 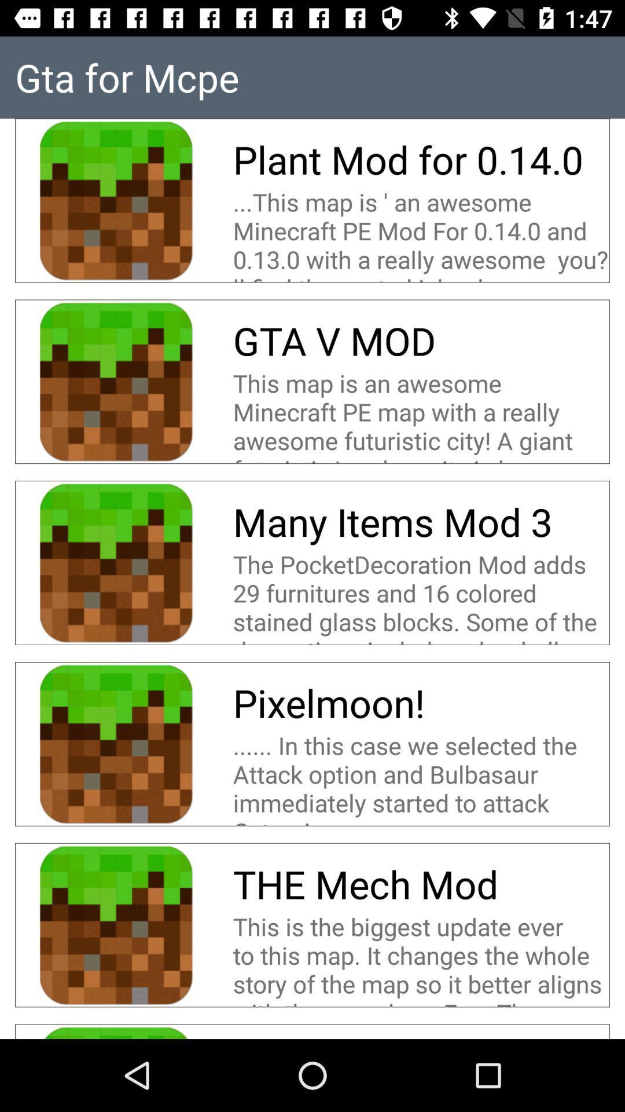 What do you see at coordinates (329, 702) in the screenshot?
I see `icon above the in this case item` at bounding box center [329, 702].